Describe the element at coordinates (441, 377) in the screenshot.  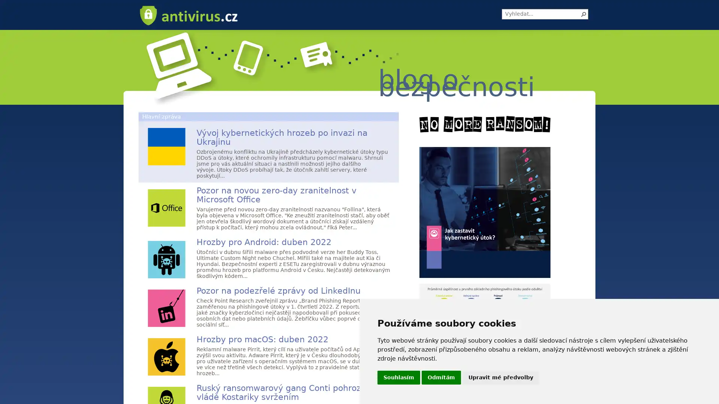
I see `Odmitam` at that location.